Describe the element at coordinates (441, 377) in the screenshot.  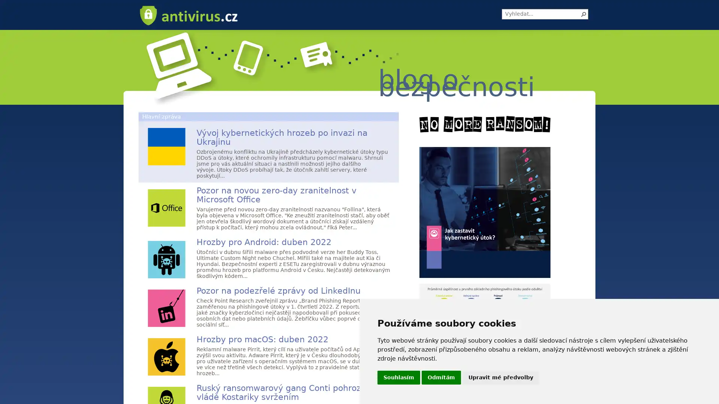
I see `Odmitam` at that location.